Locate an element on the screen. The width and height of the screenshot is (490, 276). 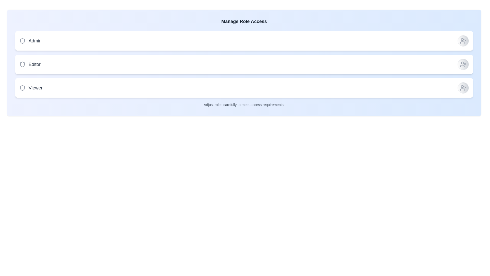
the bottom-most icon in the vertical stack of three user management action icons associated with the 'Viewer' role, located at the rightmost part of the layout is located at coordinates (462, 89).